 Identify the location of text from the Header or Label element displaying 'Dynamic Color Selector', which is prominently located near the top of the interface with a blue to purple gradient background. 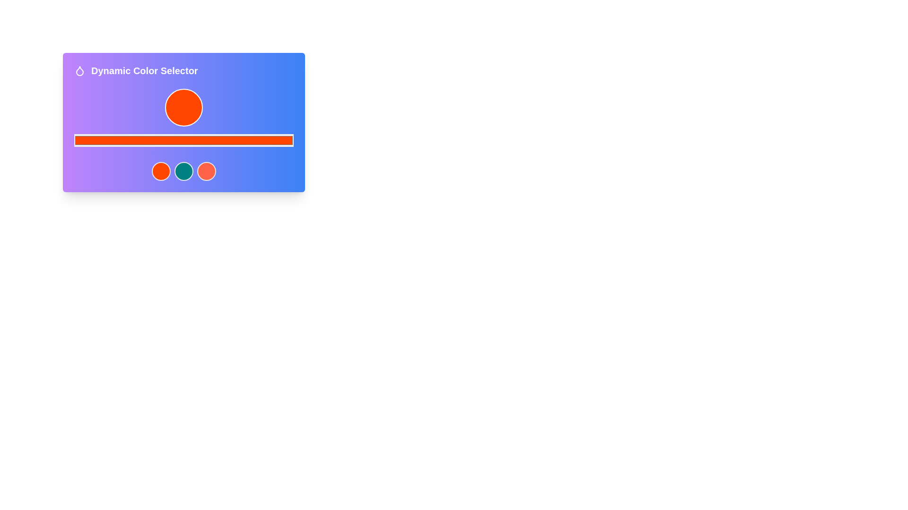
(144, 70).